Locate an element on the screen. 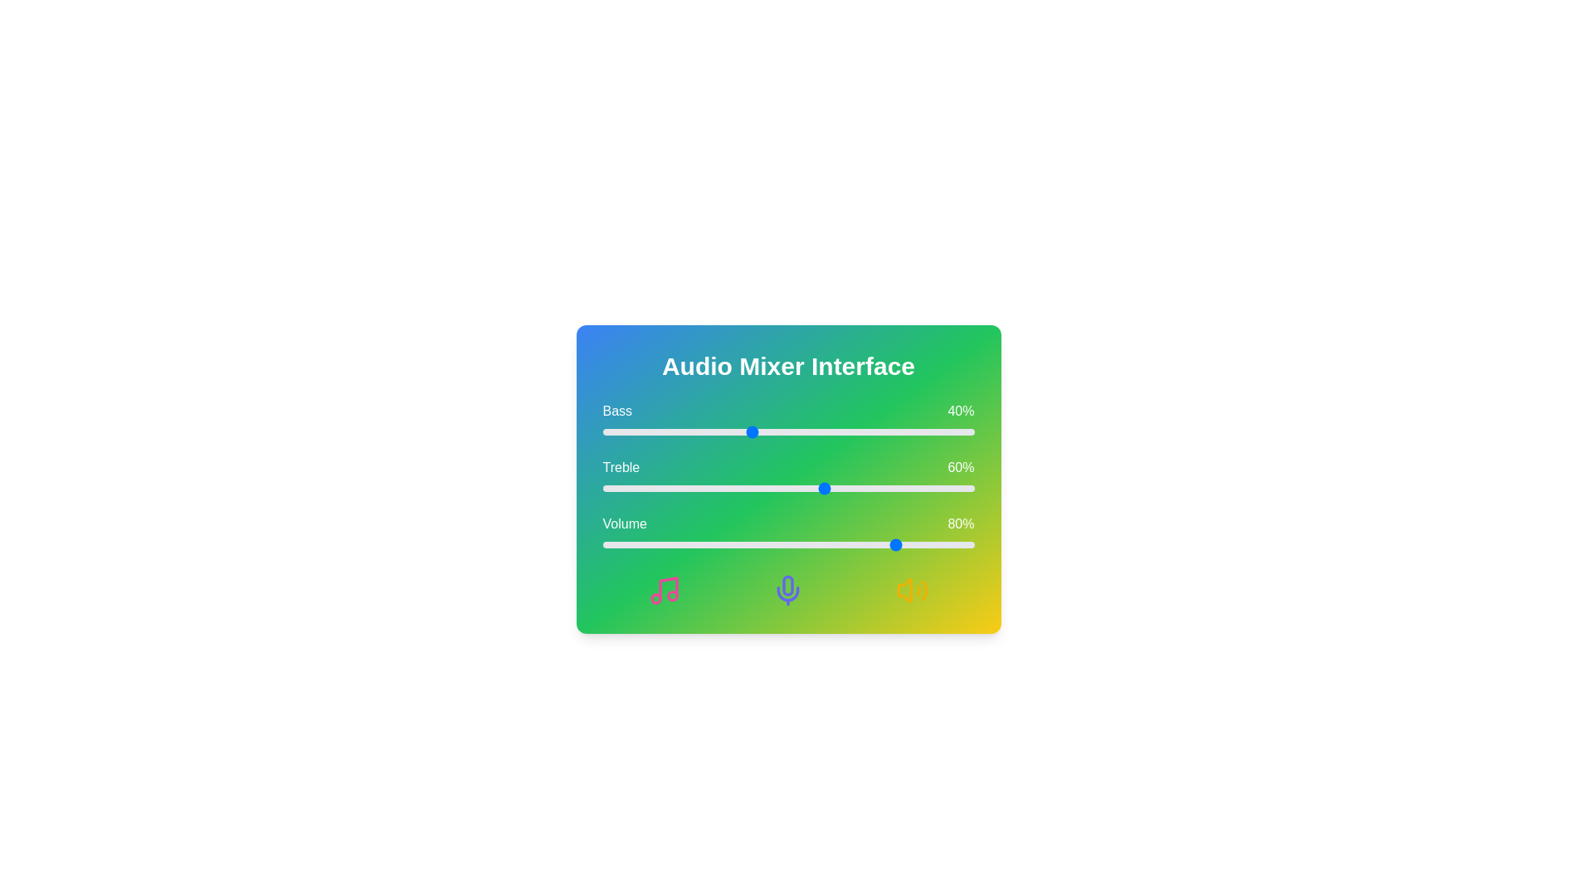 Image resolution: width=1593 pixels, height=896 pixels. the slider to observe any tooltip or effect is located at coordinates (787, 431).